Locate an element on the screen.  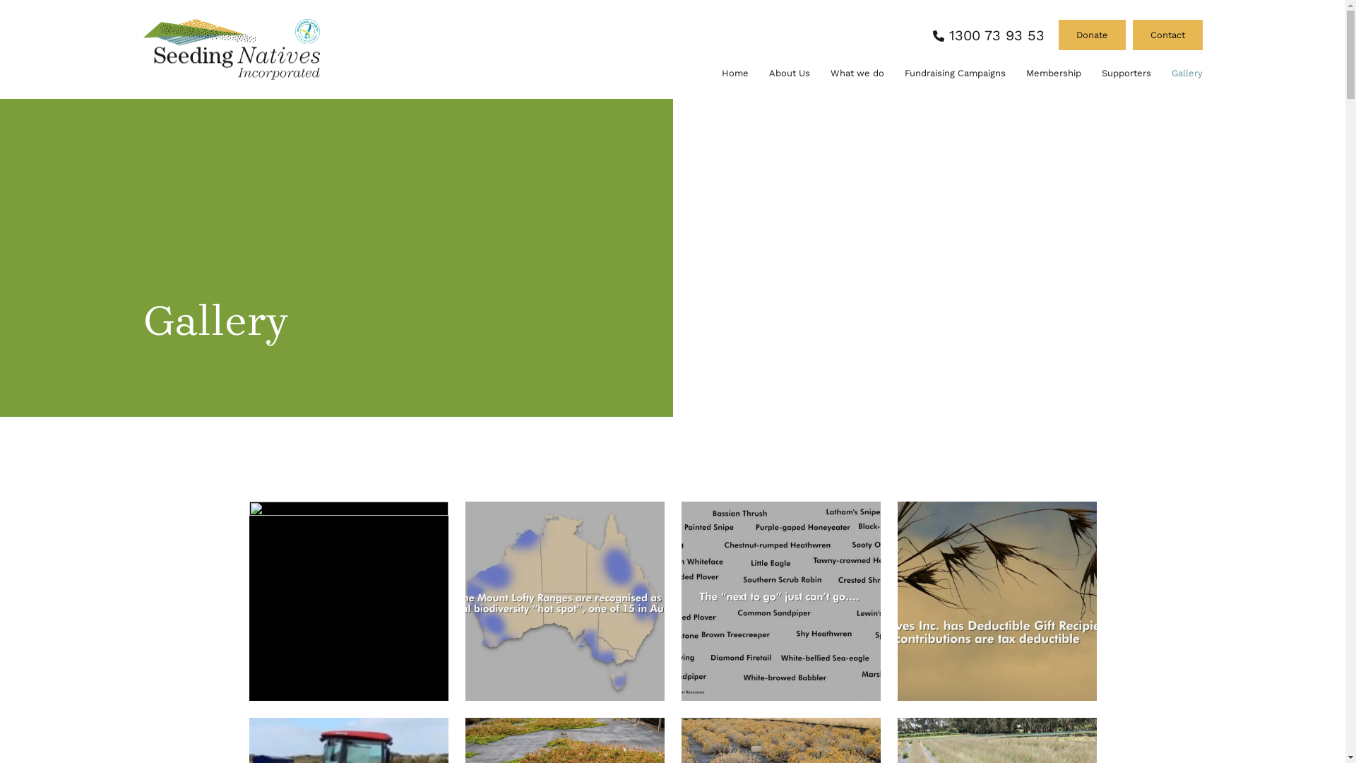
'Home' is located at coordinates (734, 73).